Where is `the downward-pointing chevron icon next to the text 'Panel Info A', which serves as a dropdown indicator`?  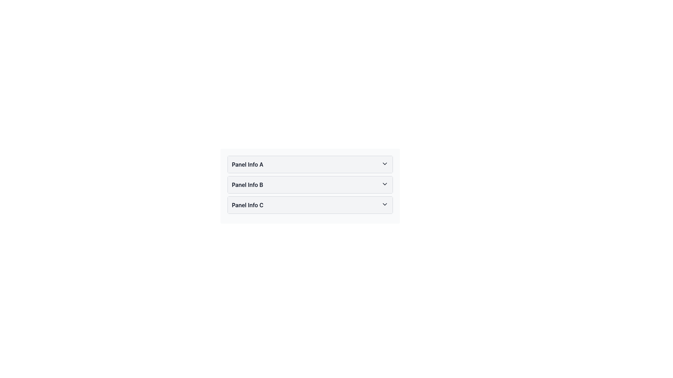
the downward-pointing chevron icon next to the text 'Panel Info A', which serves as a dropdown indicator is located at coordinates (384, 163).